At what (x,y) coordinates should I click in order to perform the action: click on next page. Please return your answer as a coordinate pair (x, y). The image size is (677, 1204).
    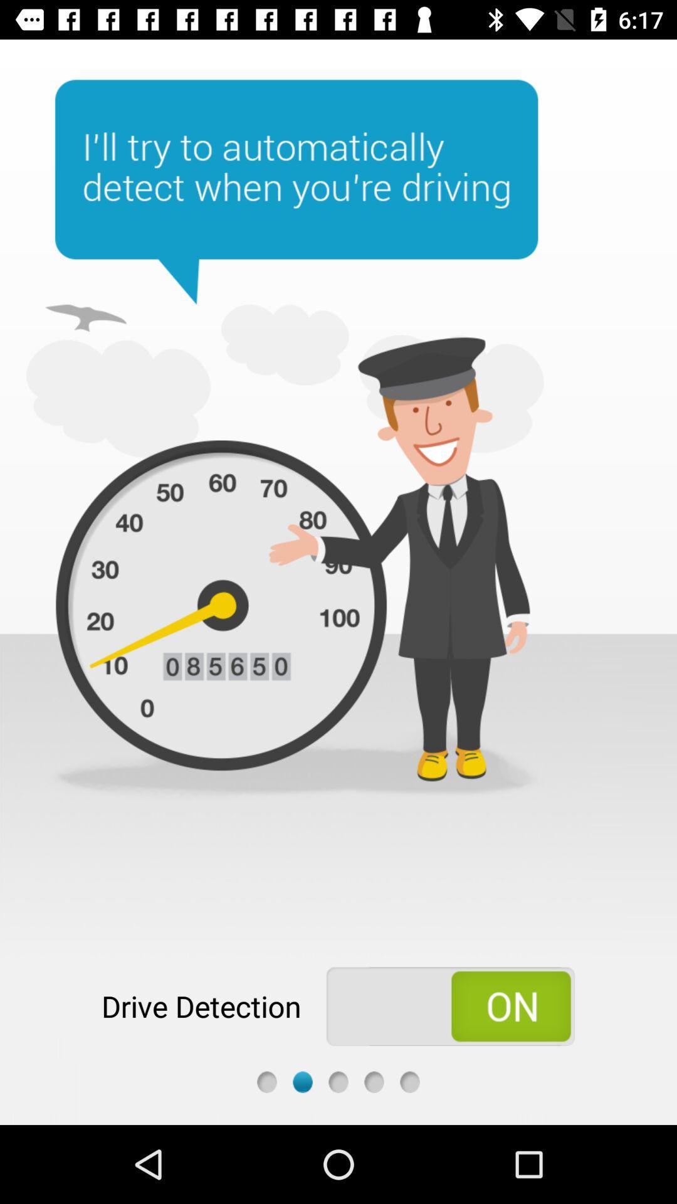
    Looking at the image, I should click on (374, 1081).